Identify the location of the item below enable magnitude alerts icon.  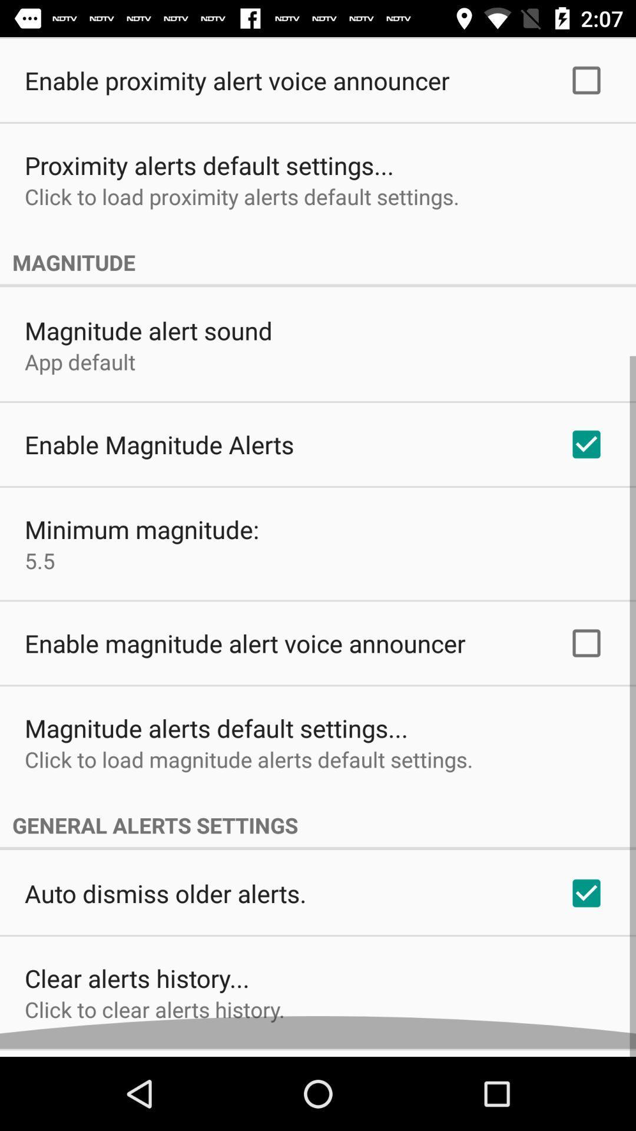
(141, 537).